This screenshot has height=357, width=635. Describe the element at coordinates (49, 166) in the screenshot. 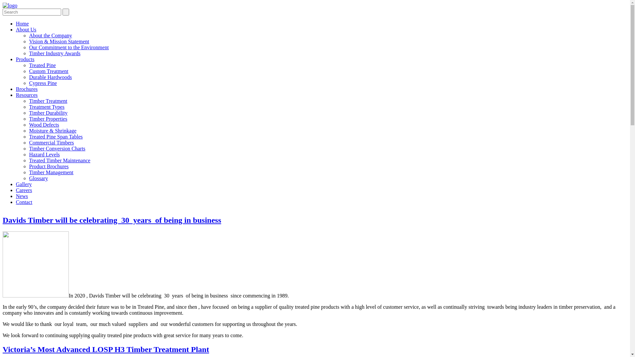

I see `'Product Brochures'` at that location.